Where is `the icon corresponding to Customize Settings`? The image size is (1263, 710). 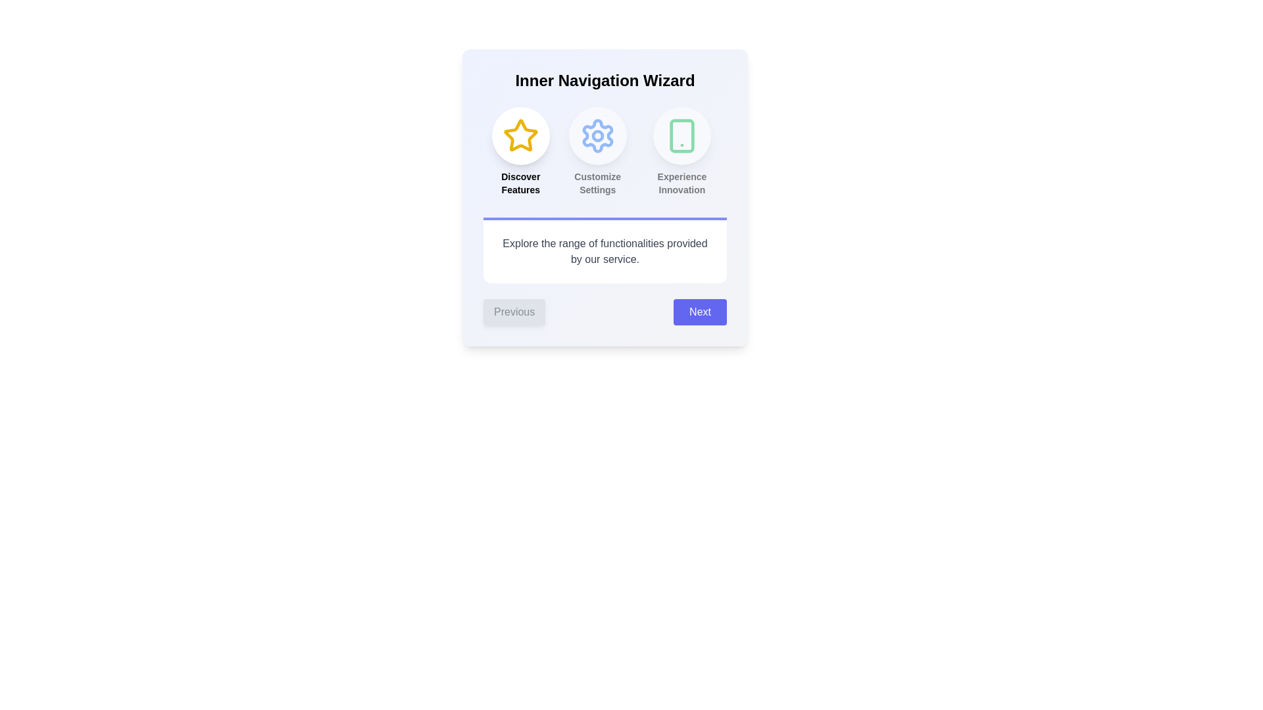
the icon corresponding to Customize Settings is located at coordinates (597, 136).